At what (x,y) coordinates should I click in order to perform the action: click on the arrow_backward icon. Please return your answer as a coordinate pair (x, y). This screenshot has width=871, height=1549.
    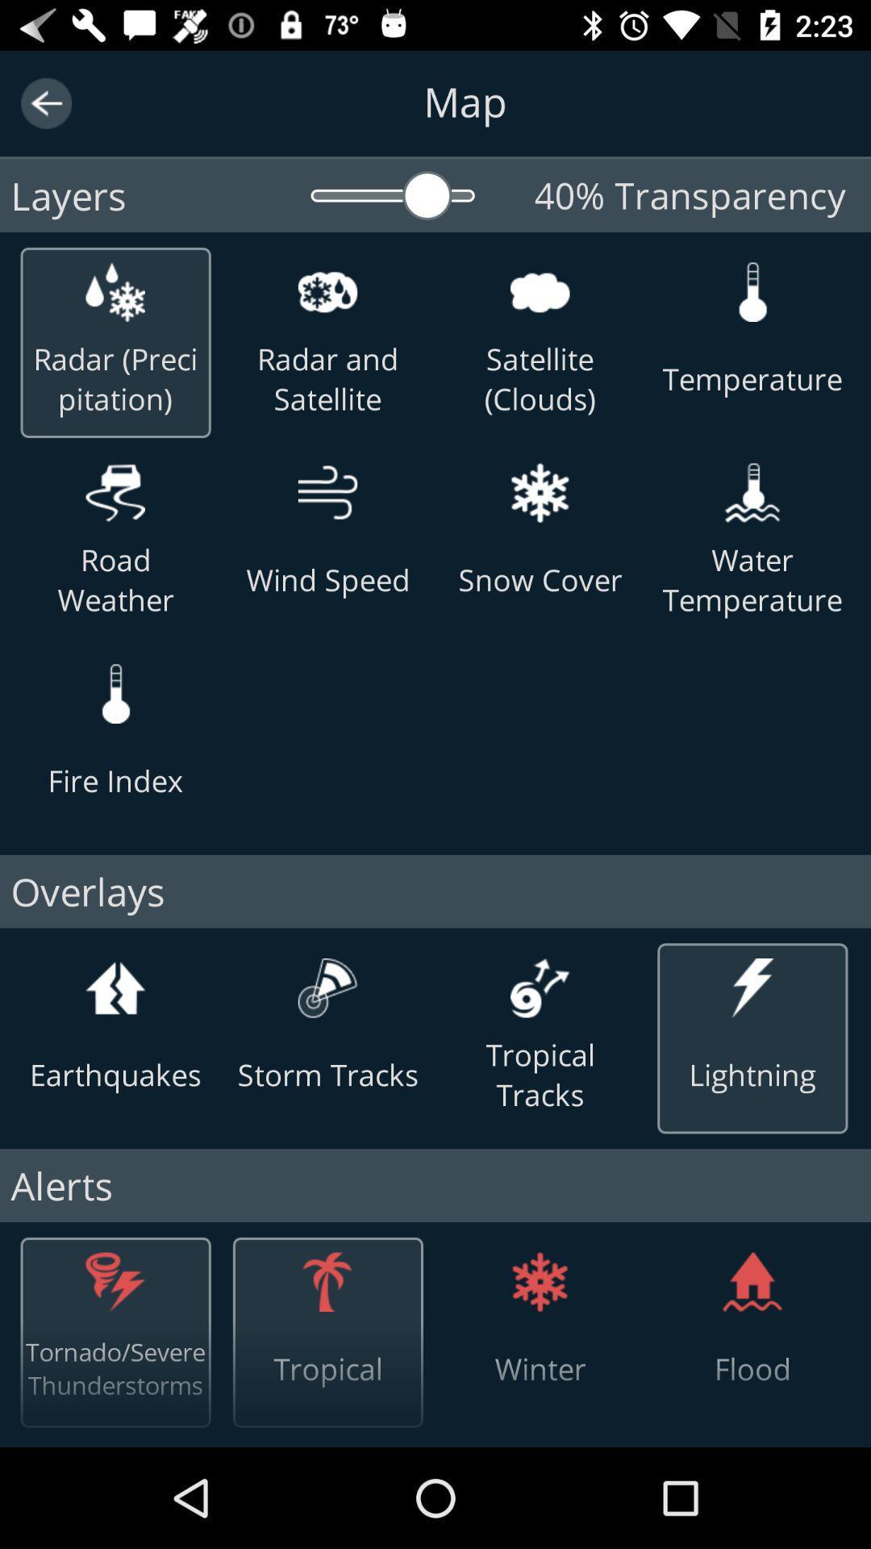
    Looking at the image, I should click on (45, 102).